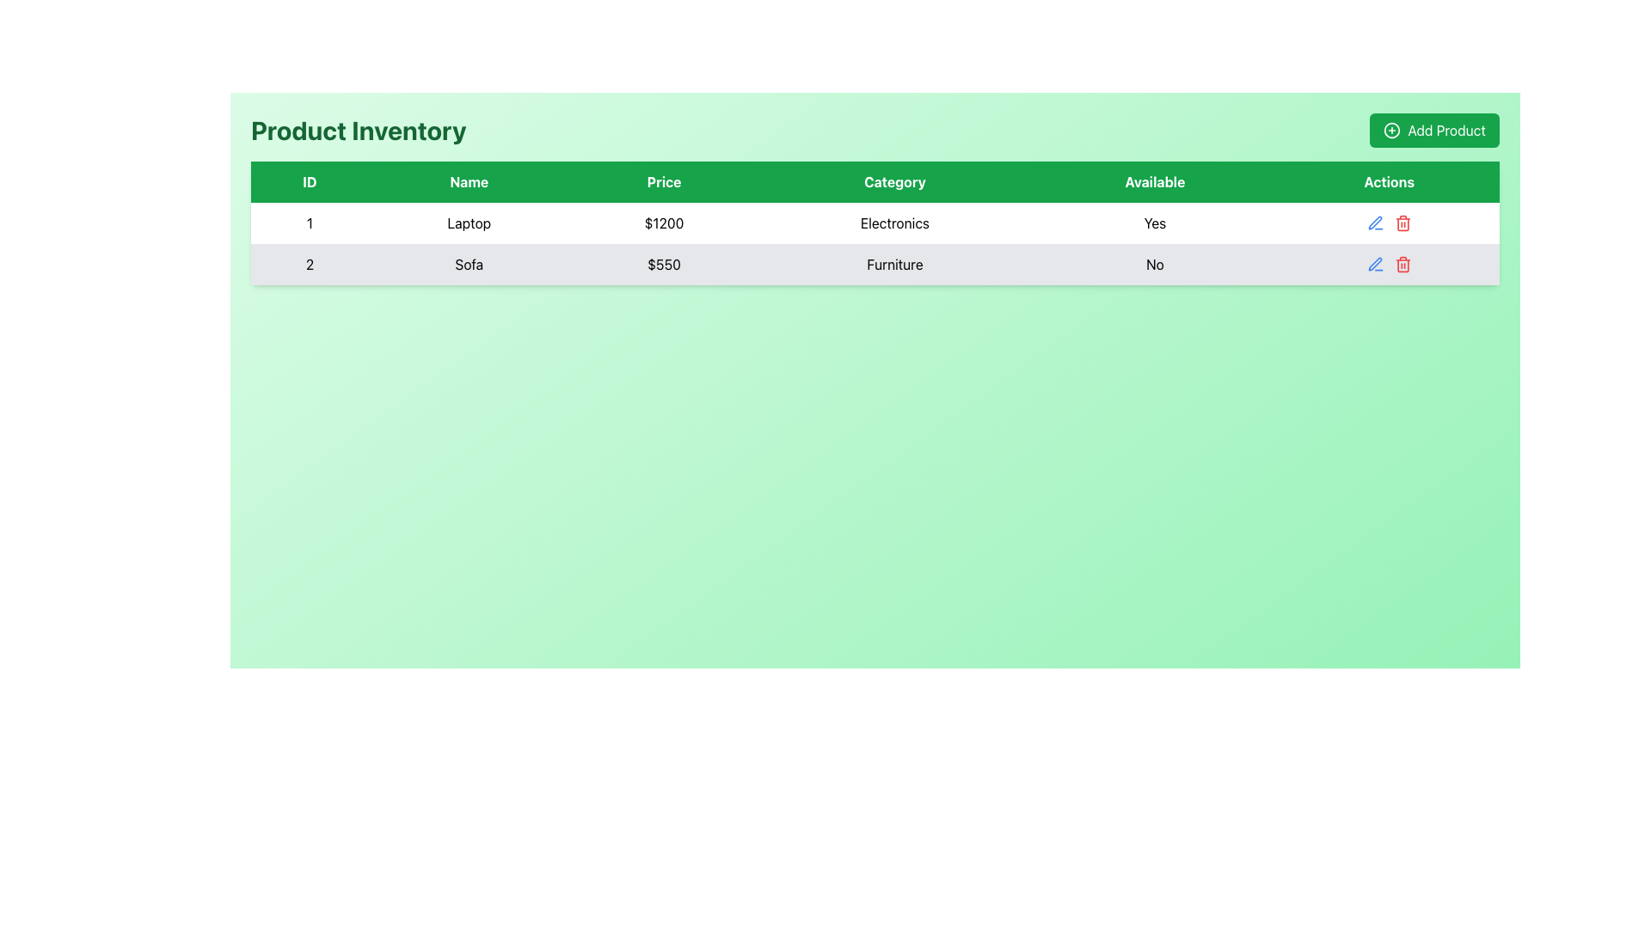 The image size is (1651, 928). What do you see at coordinates (469, 222) in the screenshot?
I see `the text label displaying the product name 'Laptop' in the inventory list, located in the second cell of the first row under the 'Name' column` at bounding box center [469, 222].